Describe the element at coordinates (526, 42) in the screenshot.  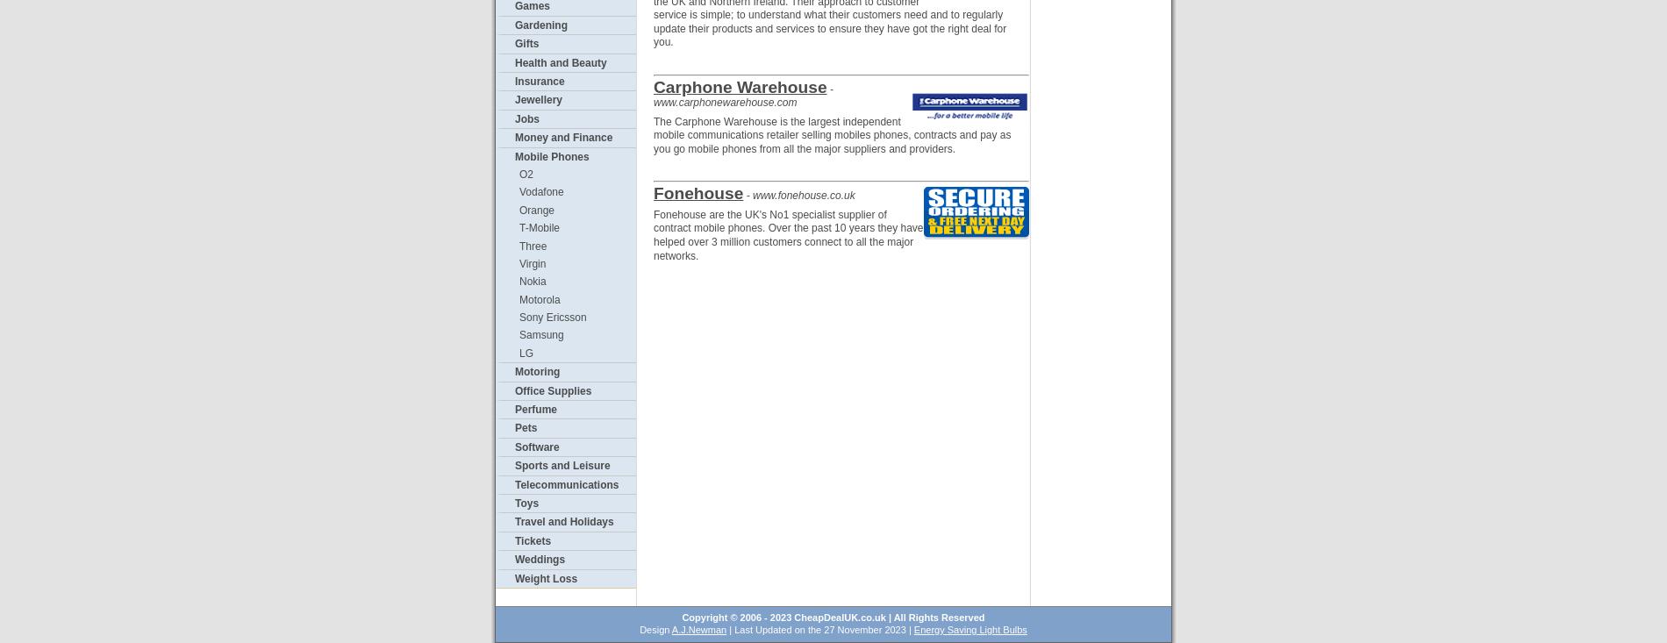
I see `'Gifts'` at that location.